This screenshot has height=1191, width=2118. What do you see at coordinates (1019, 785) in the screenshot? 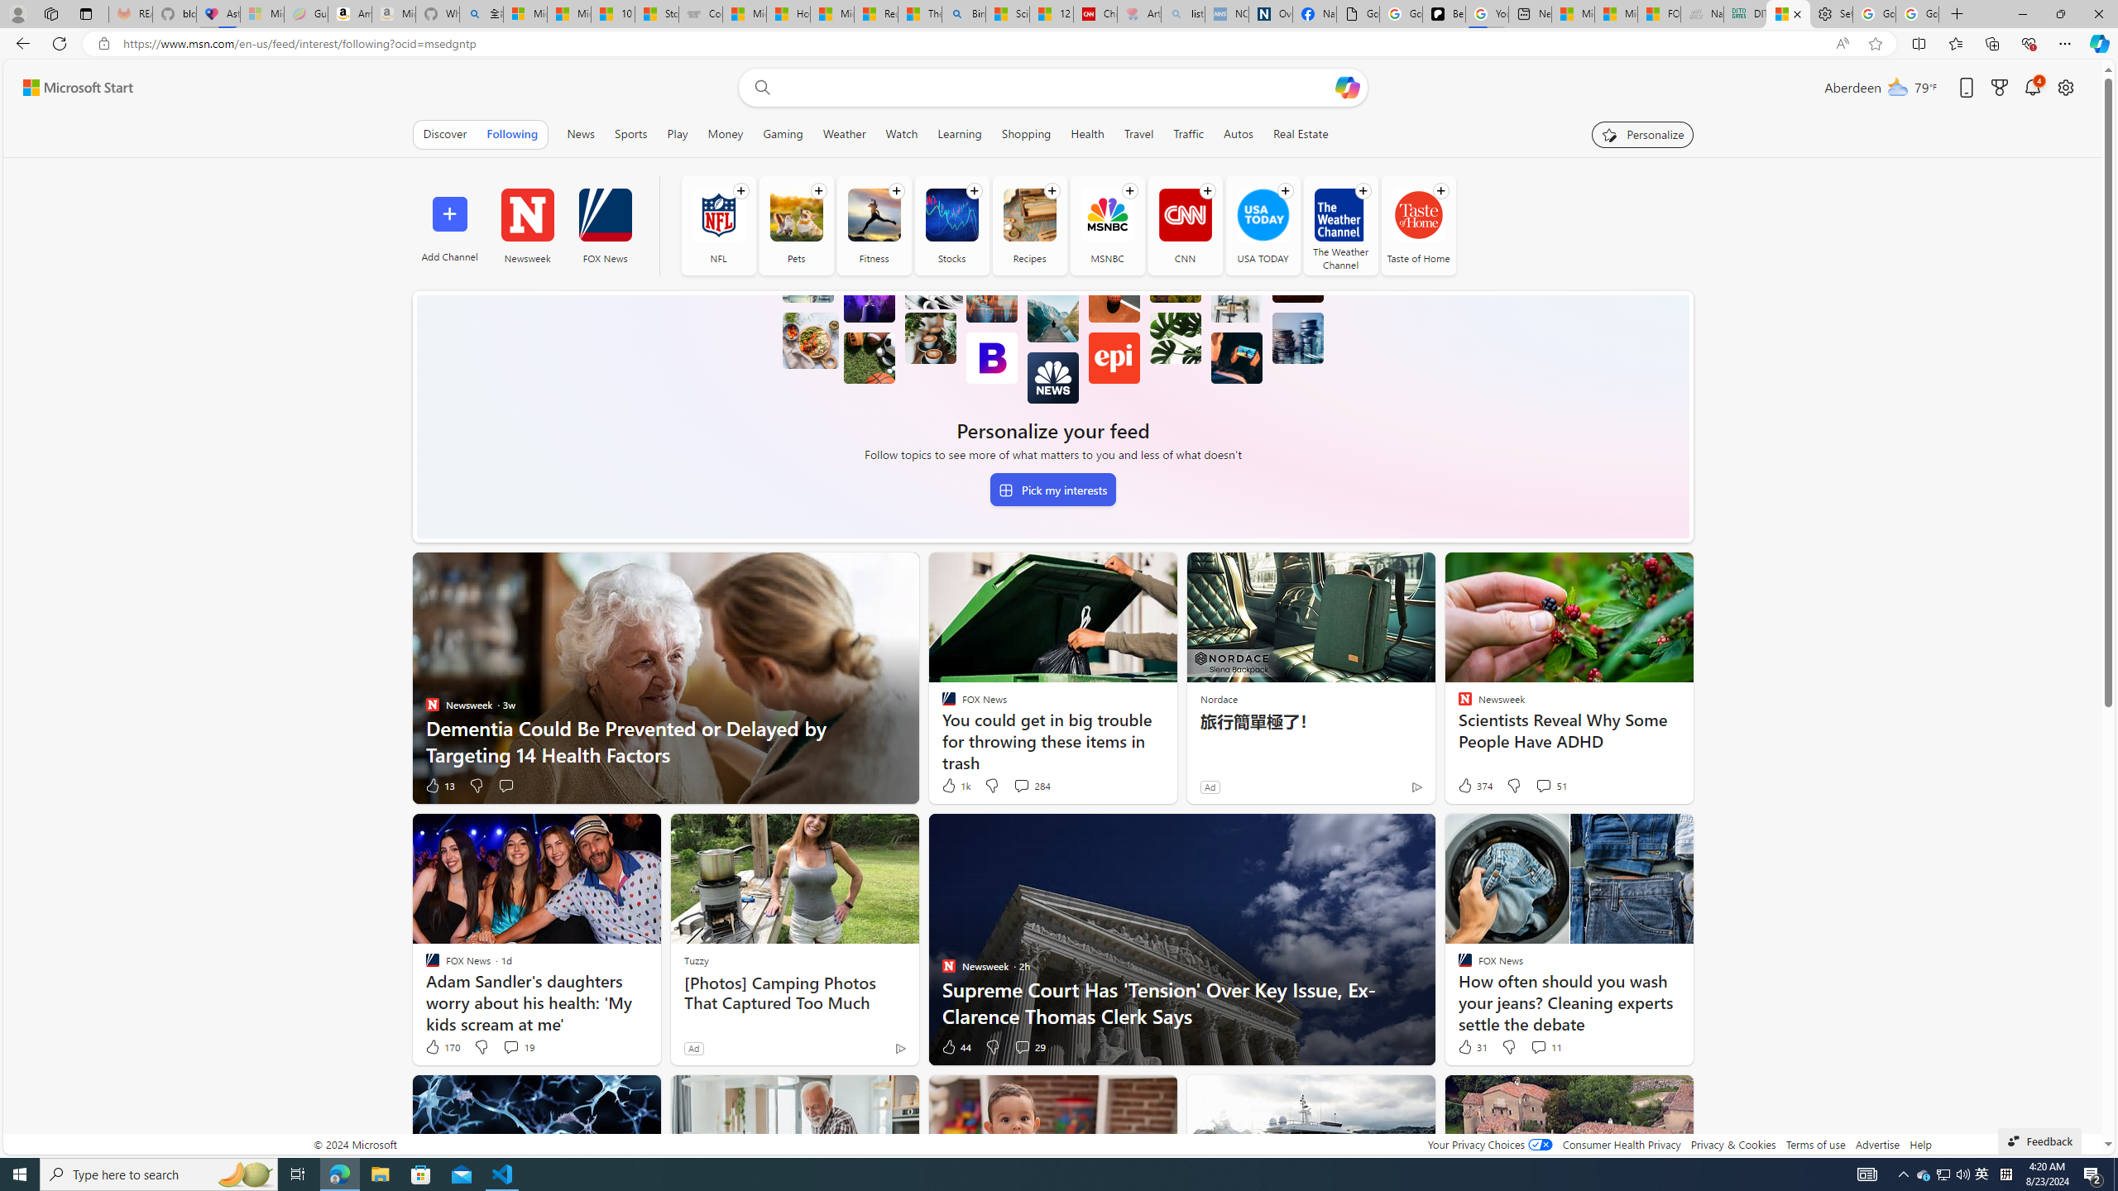
I see `'View comments 284 Comment'` at bounding box center [1019, 785].